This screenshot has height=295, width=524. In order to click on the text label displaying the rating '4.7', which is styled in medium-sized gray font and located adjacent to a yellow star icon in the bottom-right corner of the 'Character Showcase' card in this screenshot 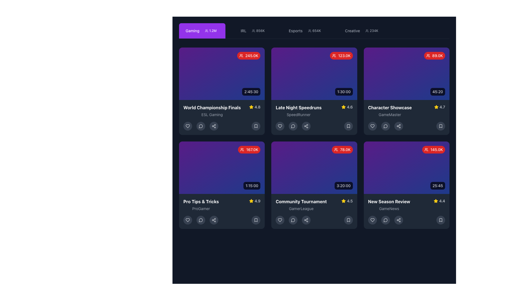, I will do `click(442, 107)`.